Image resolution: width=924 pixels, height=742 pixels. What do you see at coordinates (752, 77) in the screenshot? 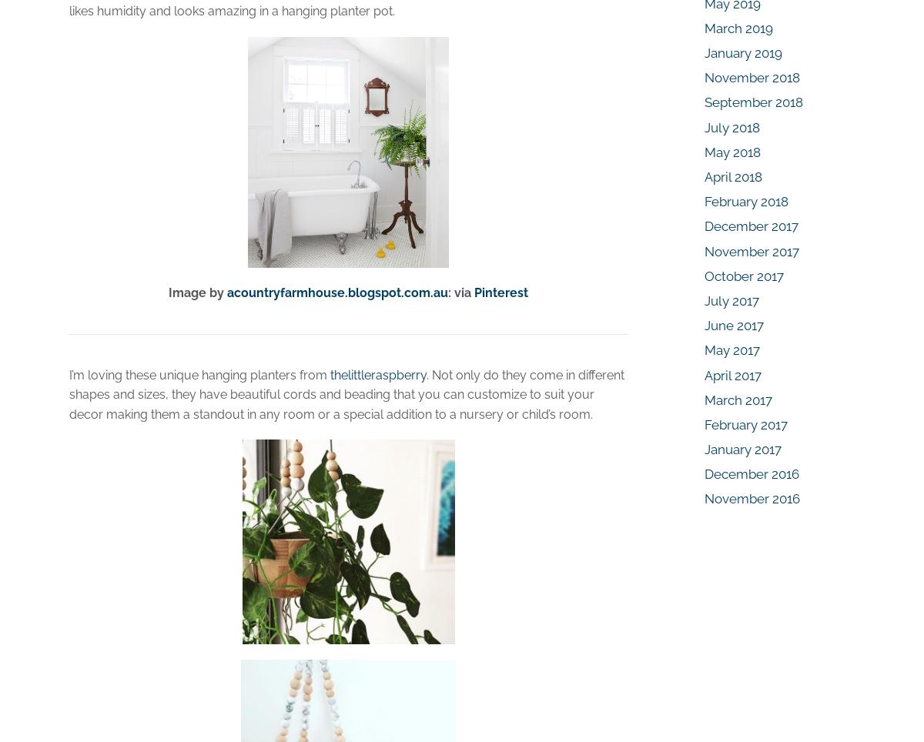
I see `'November 2018'` at bounding box center [752, 77].